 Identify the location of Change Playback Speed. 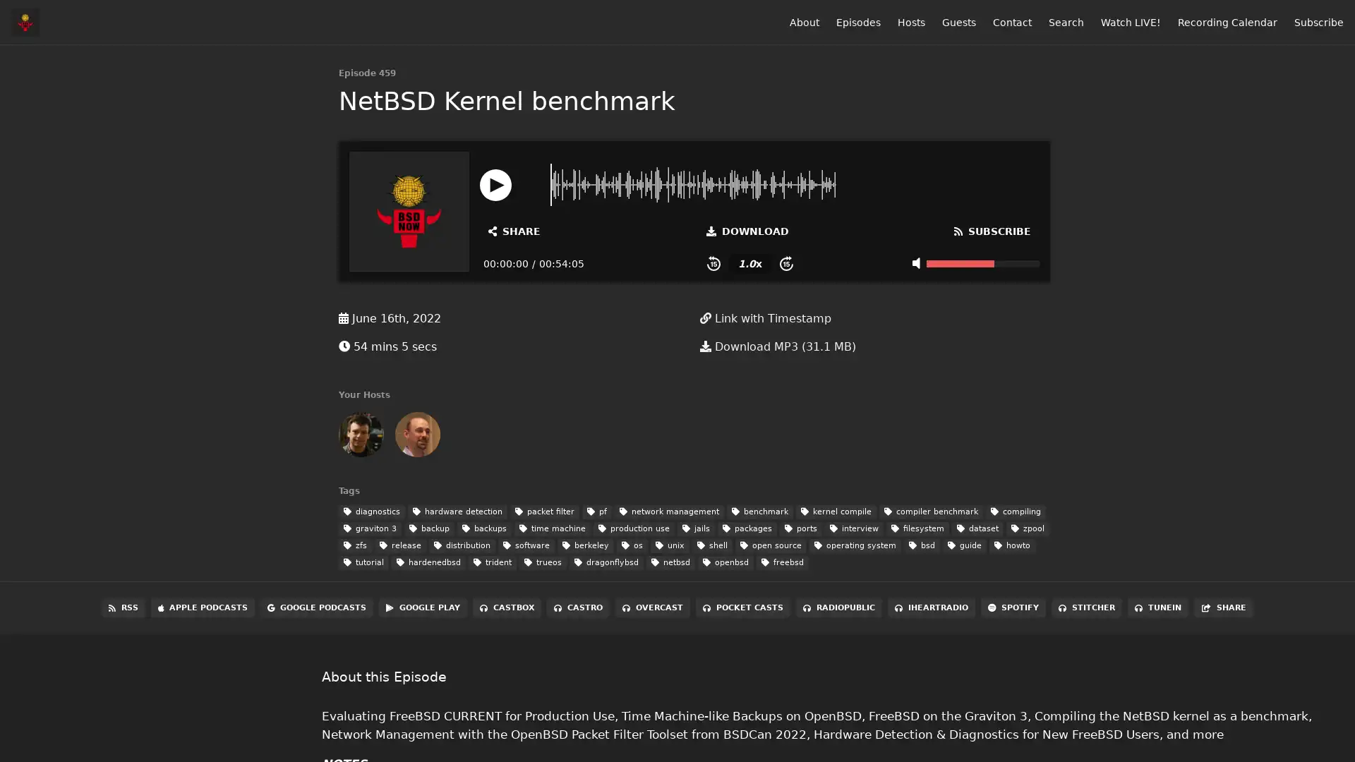
(749, 263).